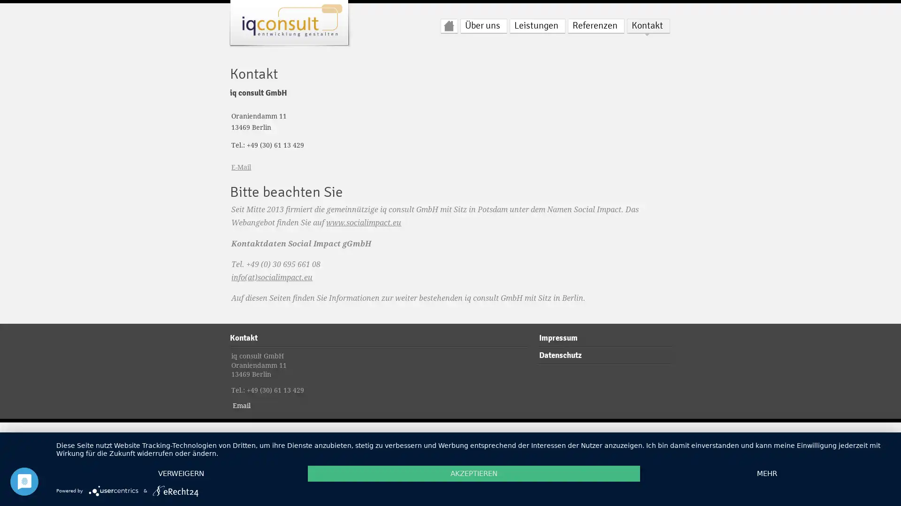  What do you see at coordinates (766, 473) in the screenshot?
I see `MEHR` at bounding box center [766, 473].